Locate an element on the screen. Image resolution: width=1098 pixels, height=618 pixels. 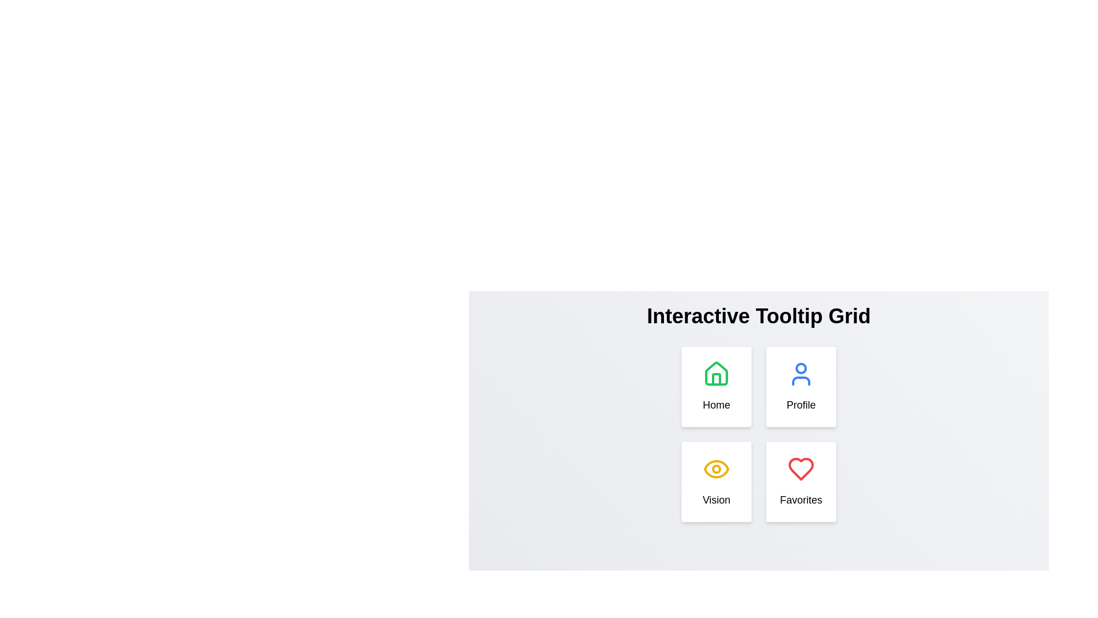
the 'Favorites' text label that provides information about the associated functionality in the application interface, located in the bottom-right section of the grid layout is located at coordinates (801, 500).